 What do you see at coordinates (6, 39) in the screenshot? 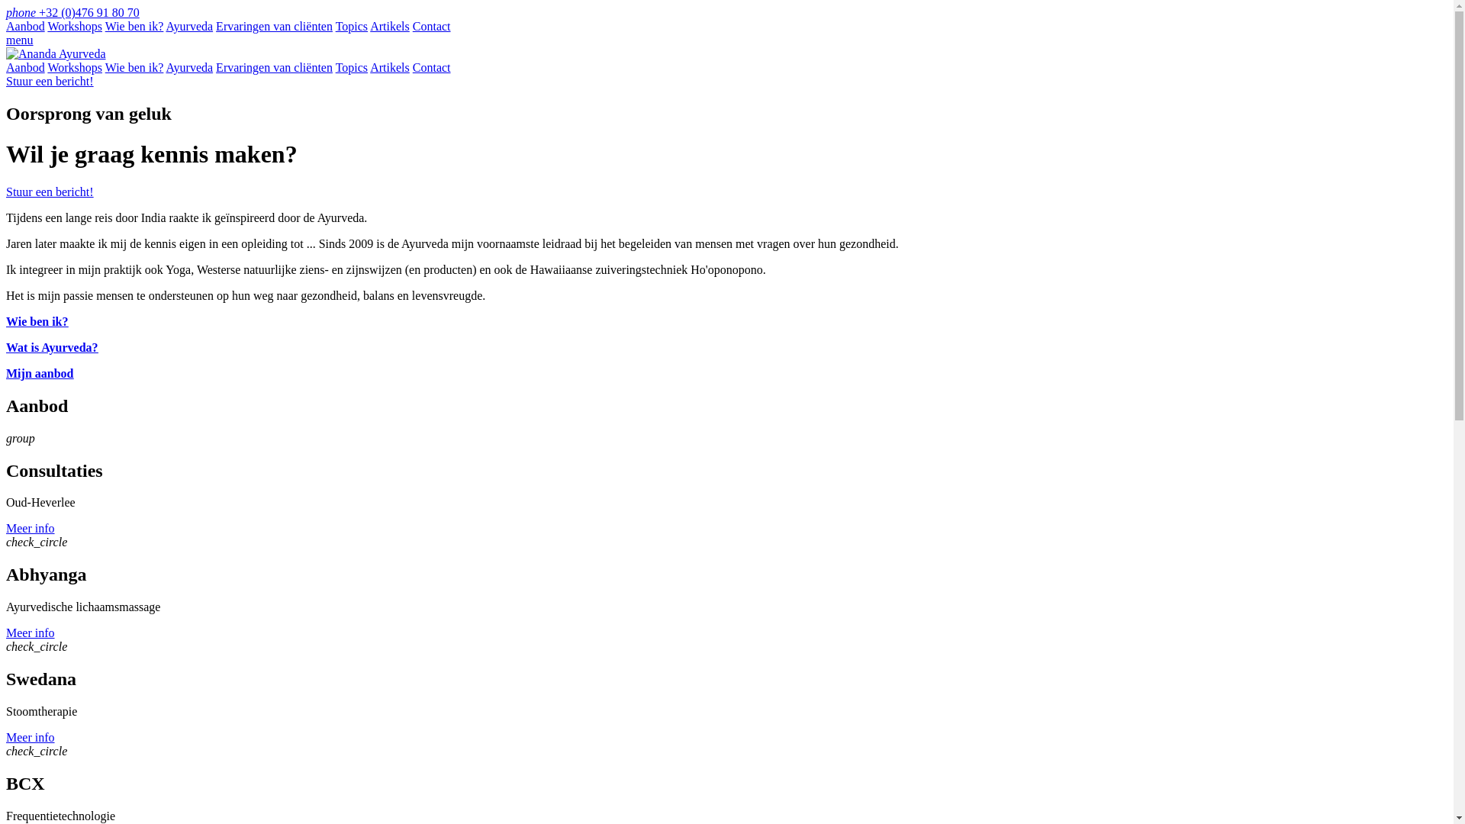
I see `'menu'` at bounding box center [6, 39].